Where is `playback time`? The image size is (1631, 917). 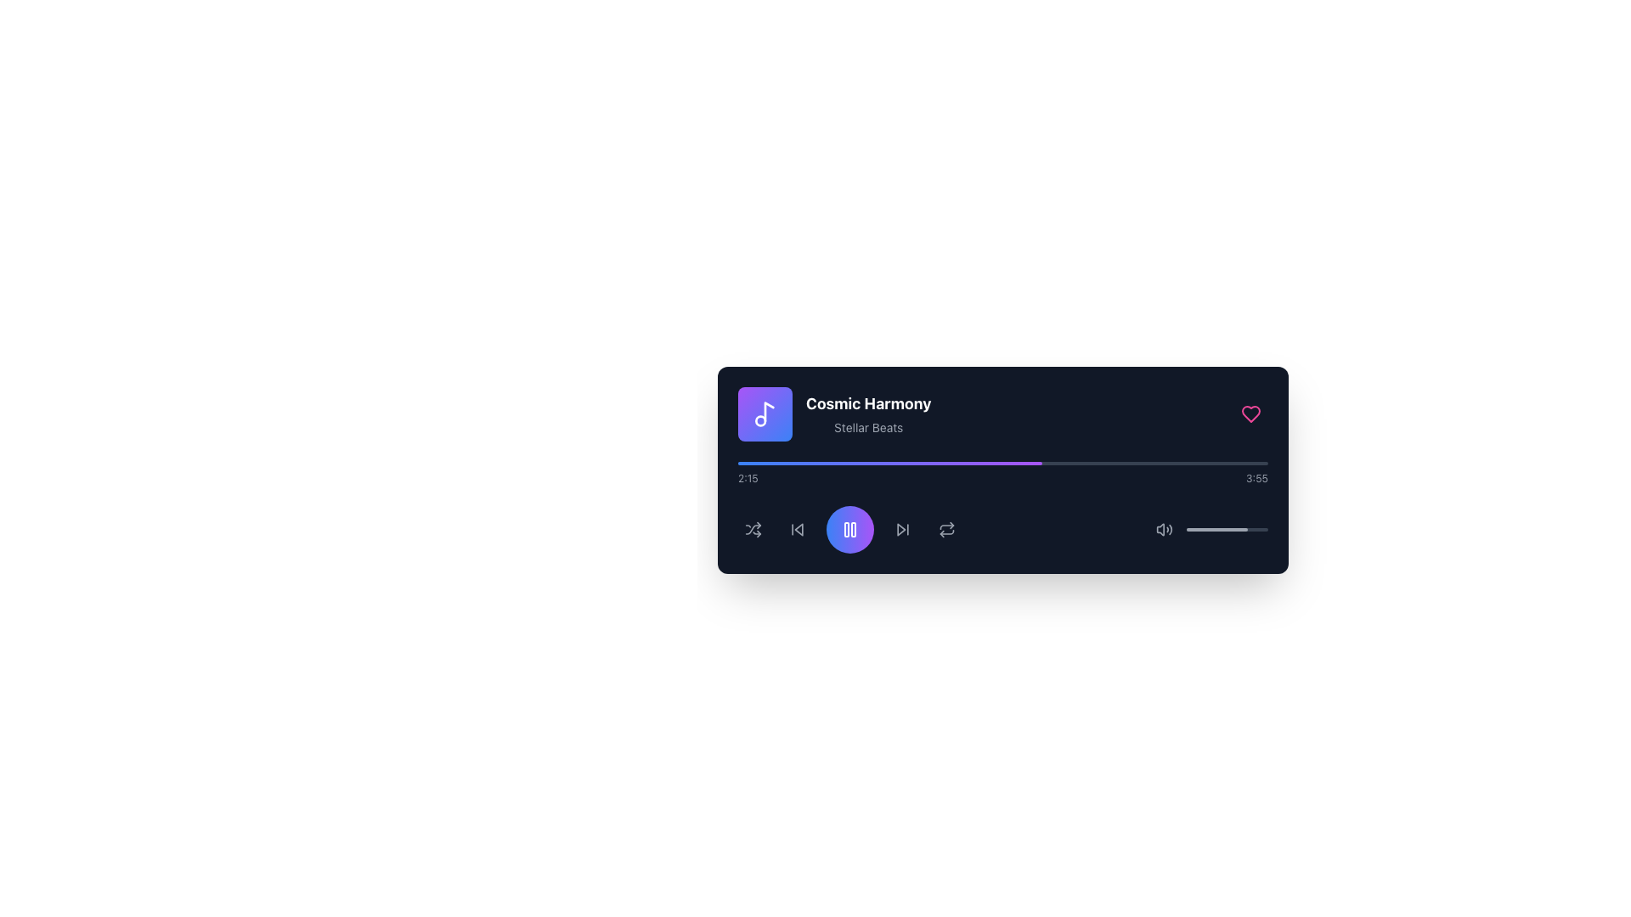
playback time is located at coordinates (830, 464).